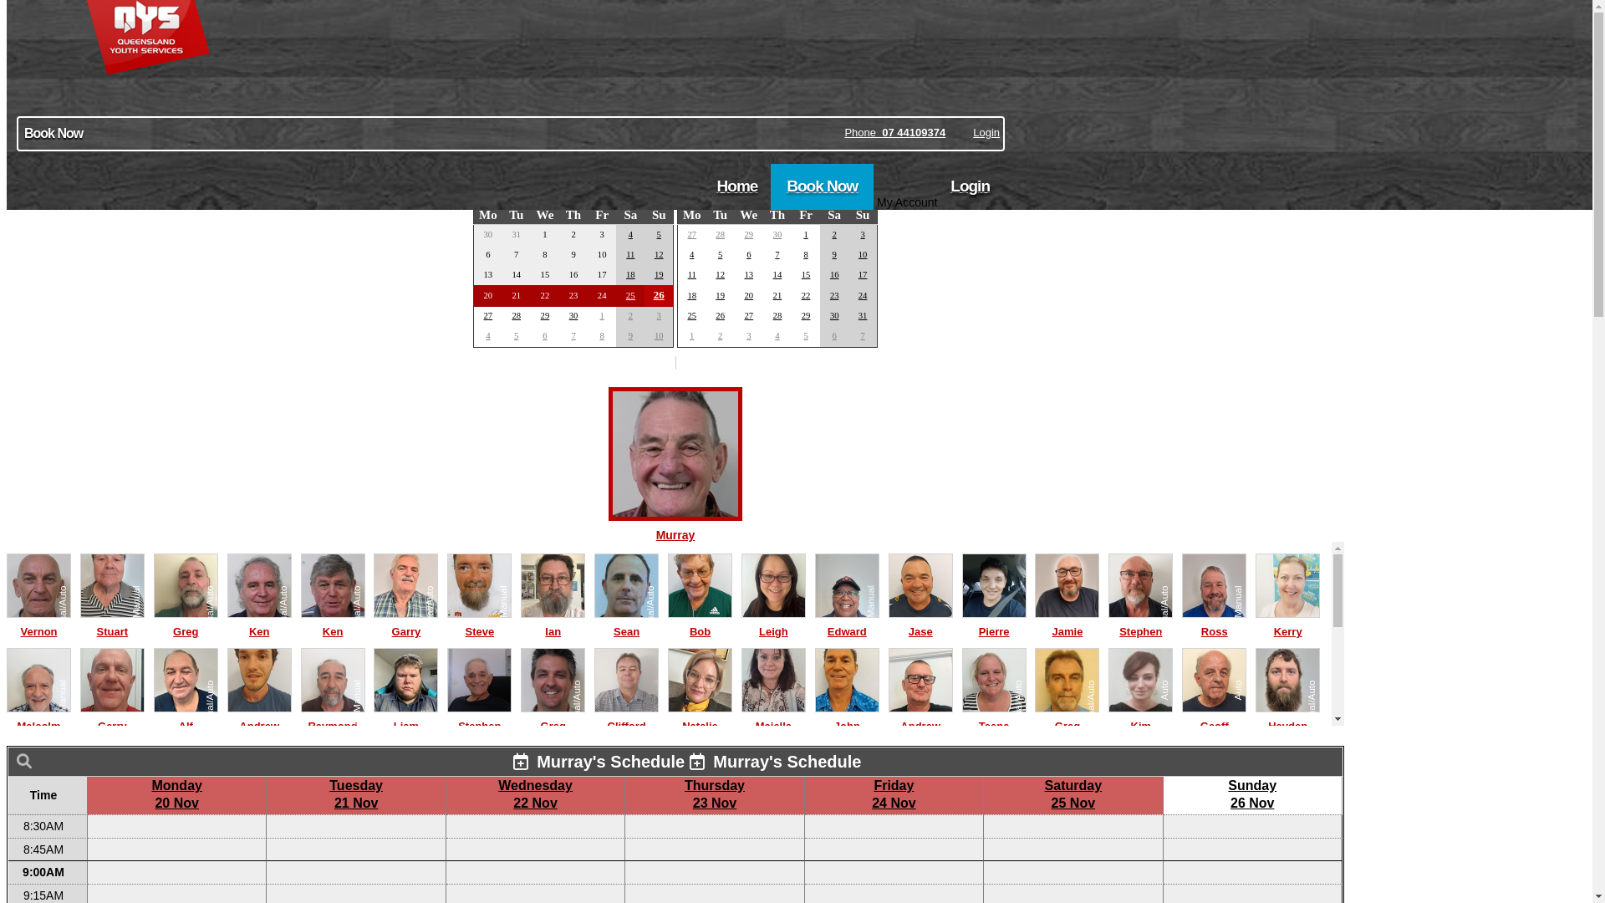 The width and height of the screenshot is (1605, 903). What do you see at coordinates (333, 717) in the screenshot?
I see `'Raymond` at bounding box center [333, 717].